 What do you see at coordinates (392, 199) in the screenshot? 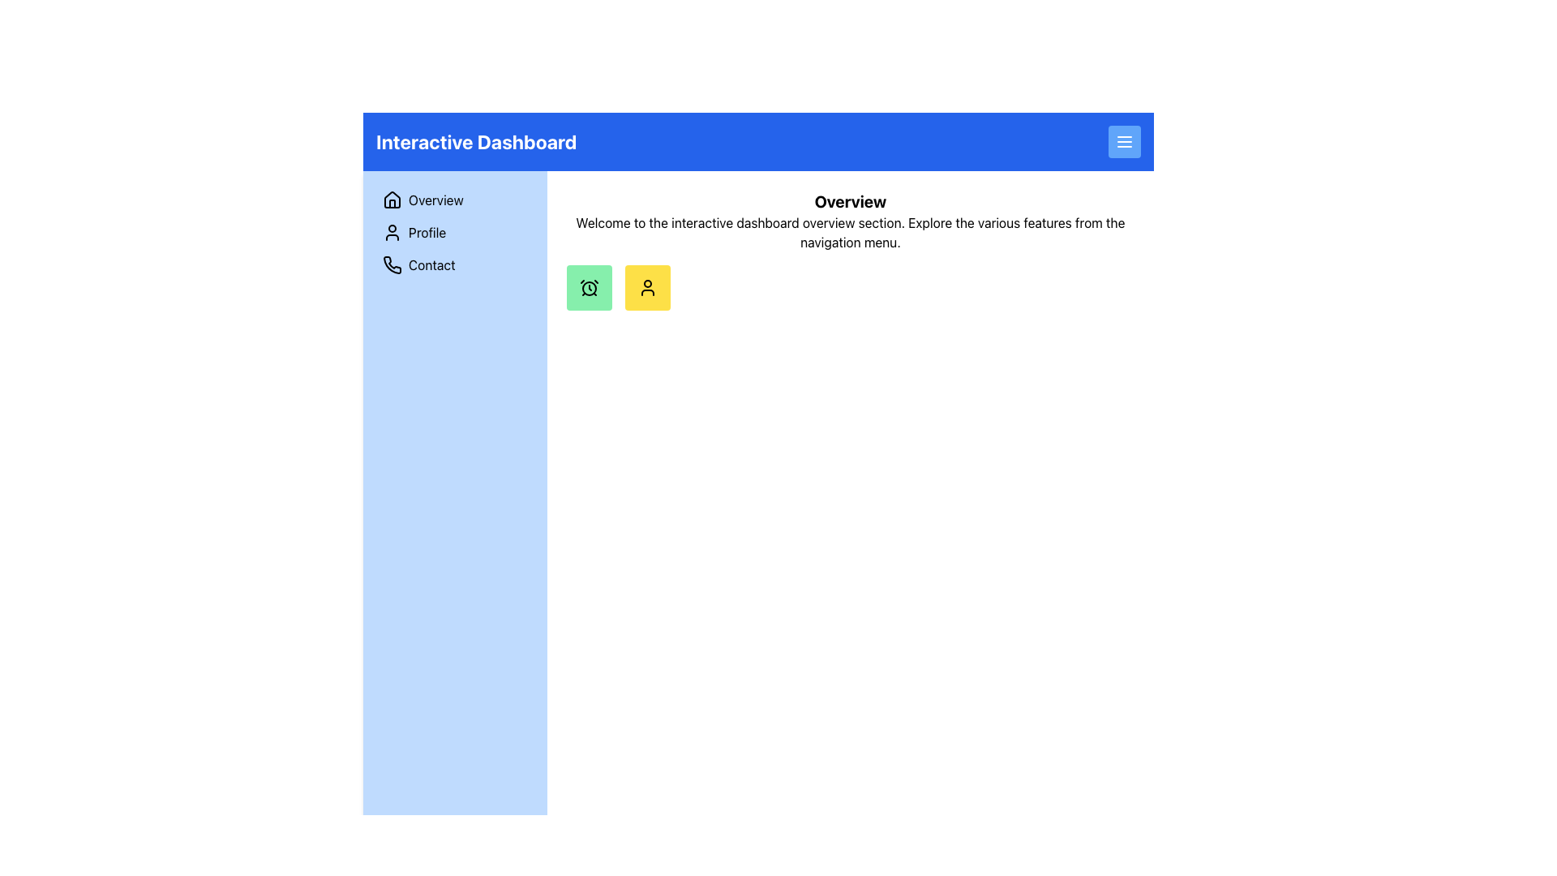
I see `the house icon located on the left navigation panel` at bounding box center [392, 199].